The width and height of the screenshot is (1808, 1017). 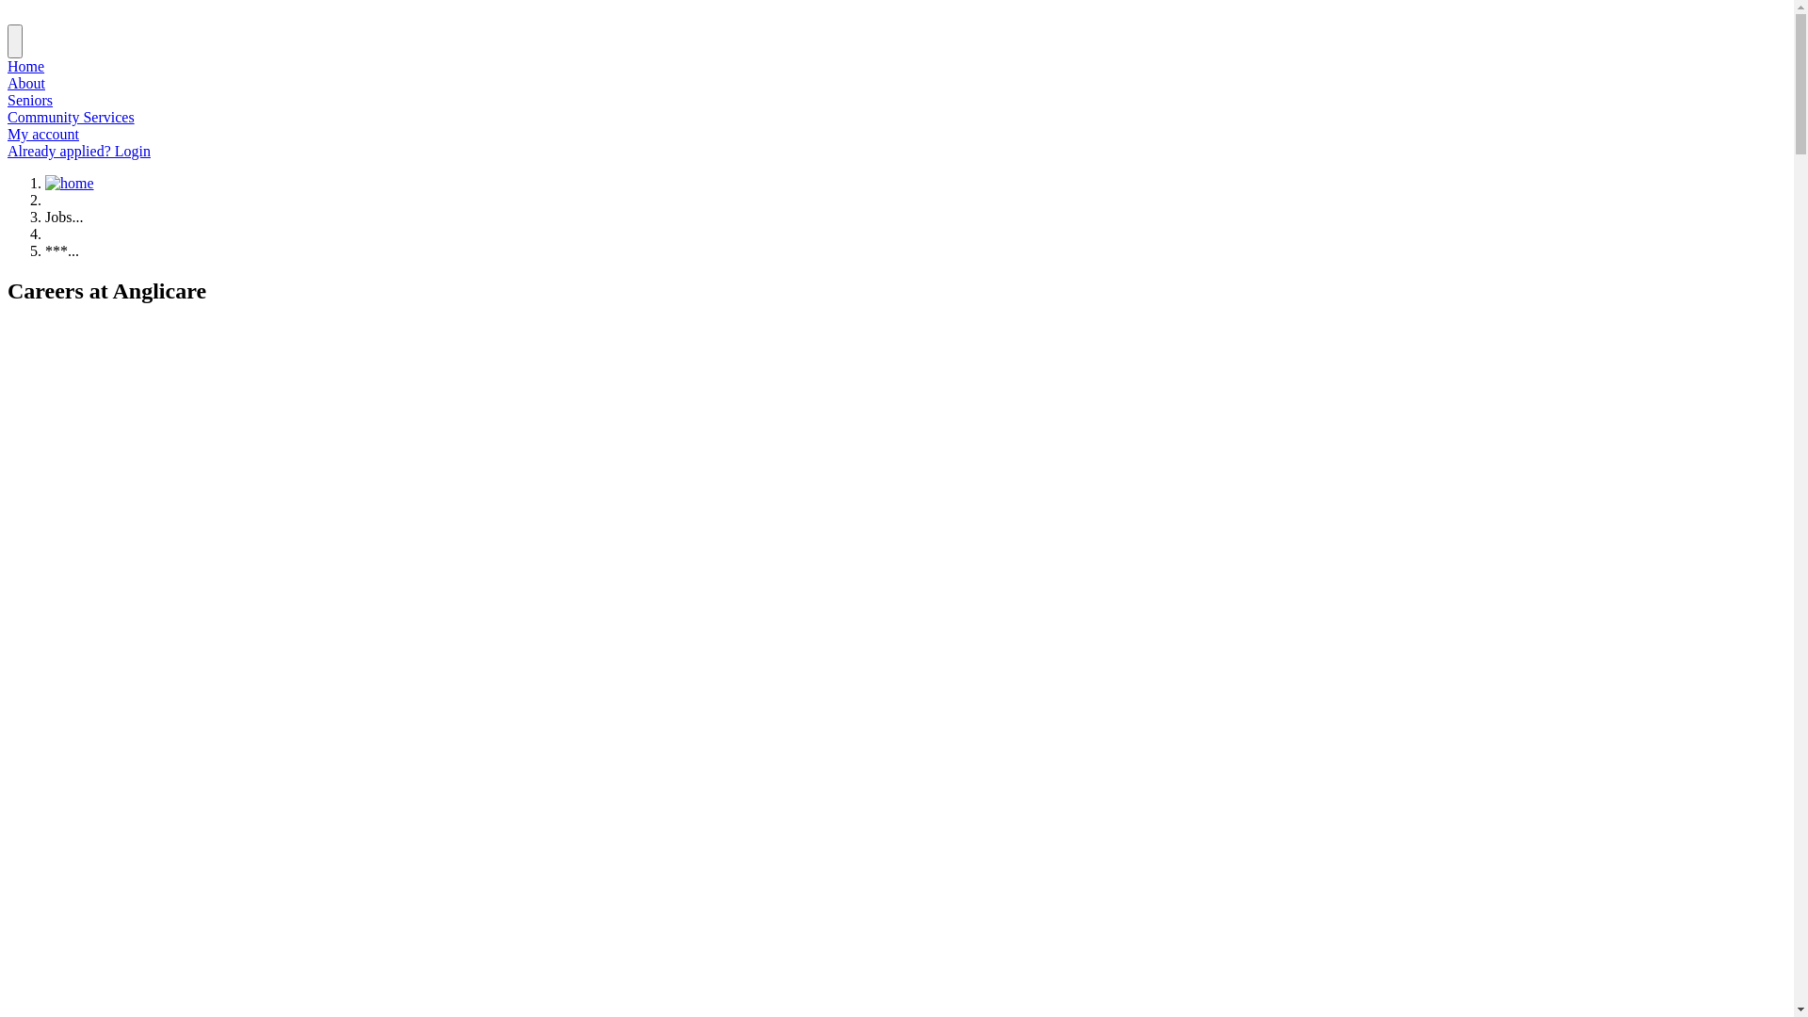 What do you see at coordinates (63, 216) in the screenshot?
I see `'Jobs...'` at bounding box center [63, 216].